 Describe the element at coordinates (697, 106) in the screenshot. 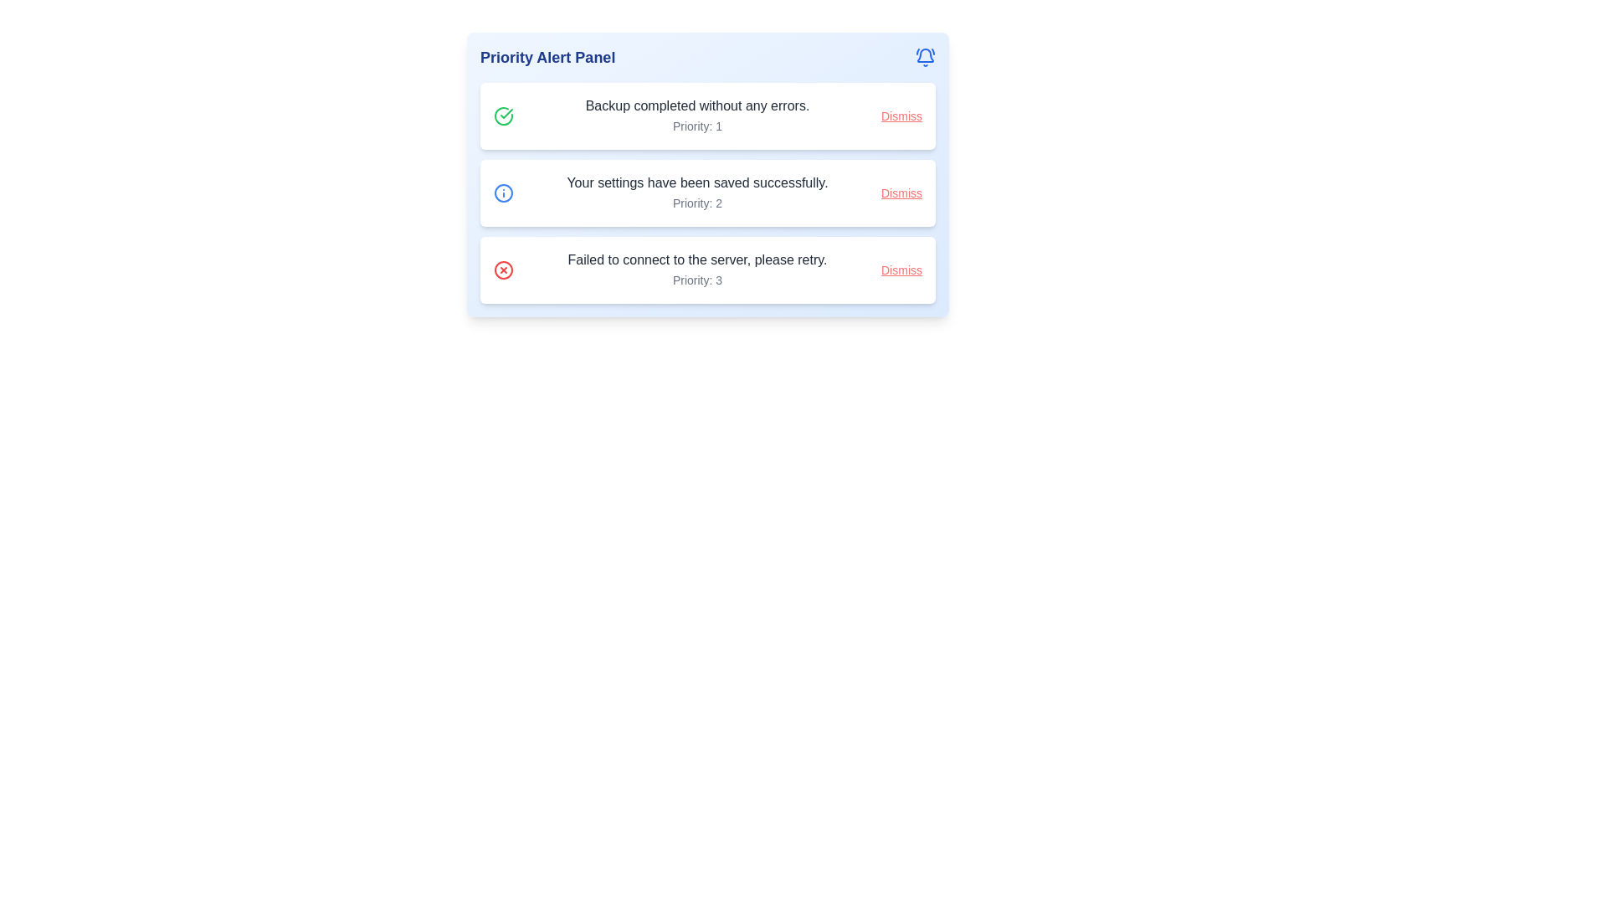

I see `the Text label that indicates the successful completion of a backup operation, located in the first row of the notification panel` at that location.